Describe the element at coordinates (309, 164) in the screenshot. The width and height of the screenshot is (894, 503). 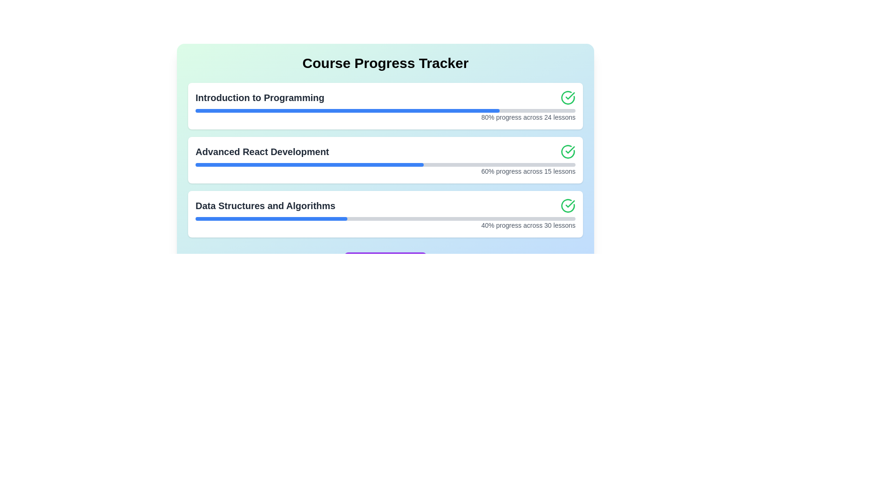
I see `the blue progress bar indicating 60% completion in the 'Advanced React Development' section of the interface` at that location.